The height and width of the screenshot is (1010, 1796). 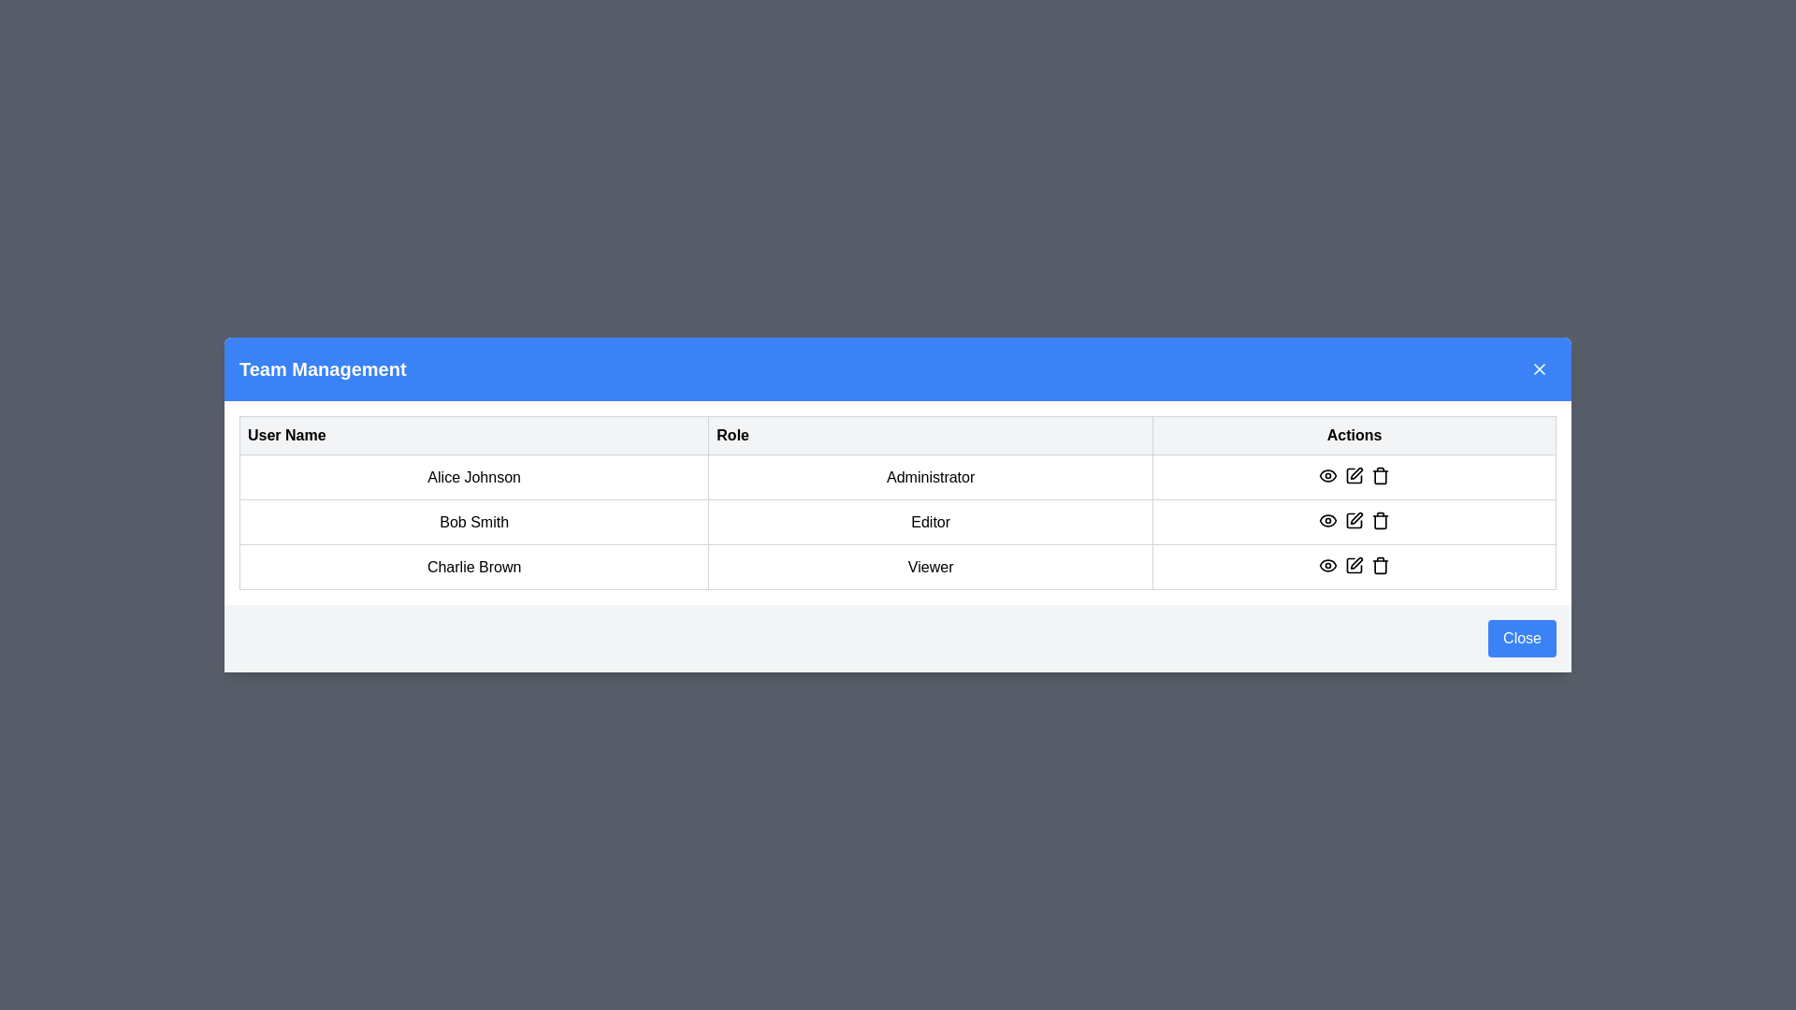 I want to click on the editing icon (SVG graphic) in the 'Actions' column of the first row, which corresponds to 'Alice Johnson's' entry, so click(x=1356, y=472).